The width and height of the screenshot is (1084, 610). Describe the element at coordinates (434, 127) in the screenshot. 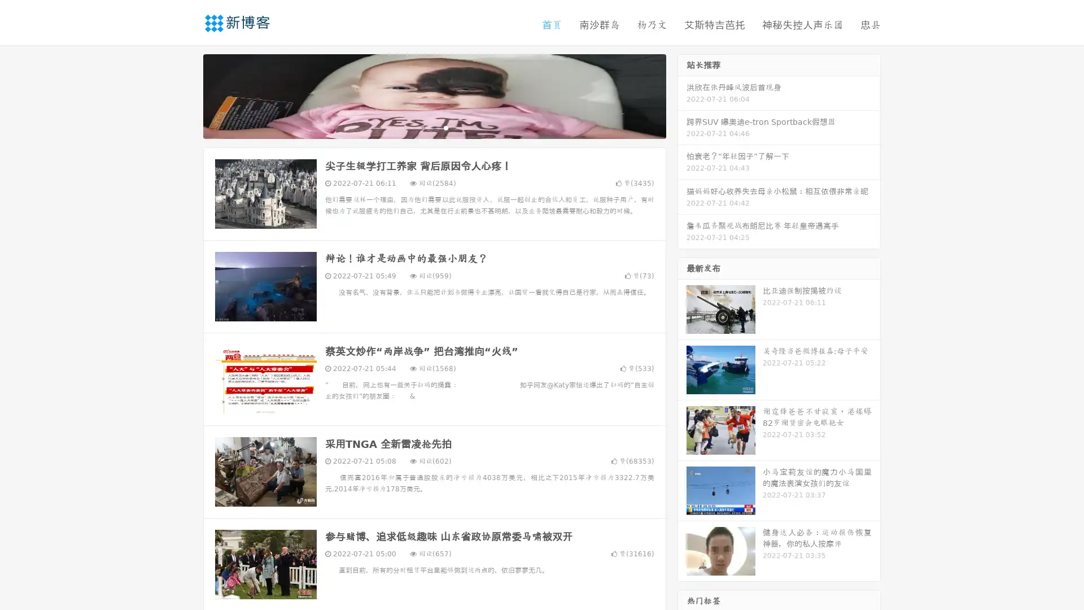

I see `Go to slide 2` at that location.